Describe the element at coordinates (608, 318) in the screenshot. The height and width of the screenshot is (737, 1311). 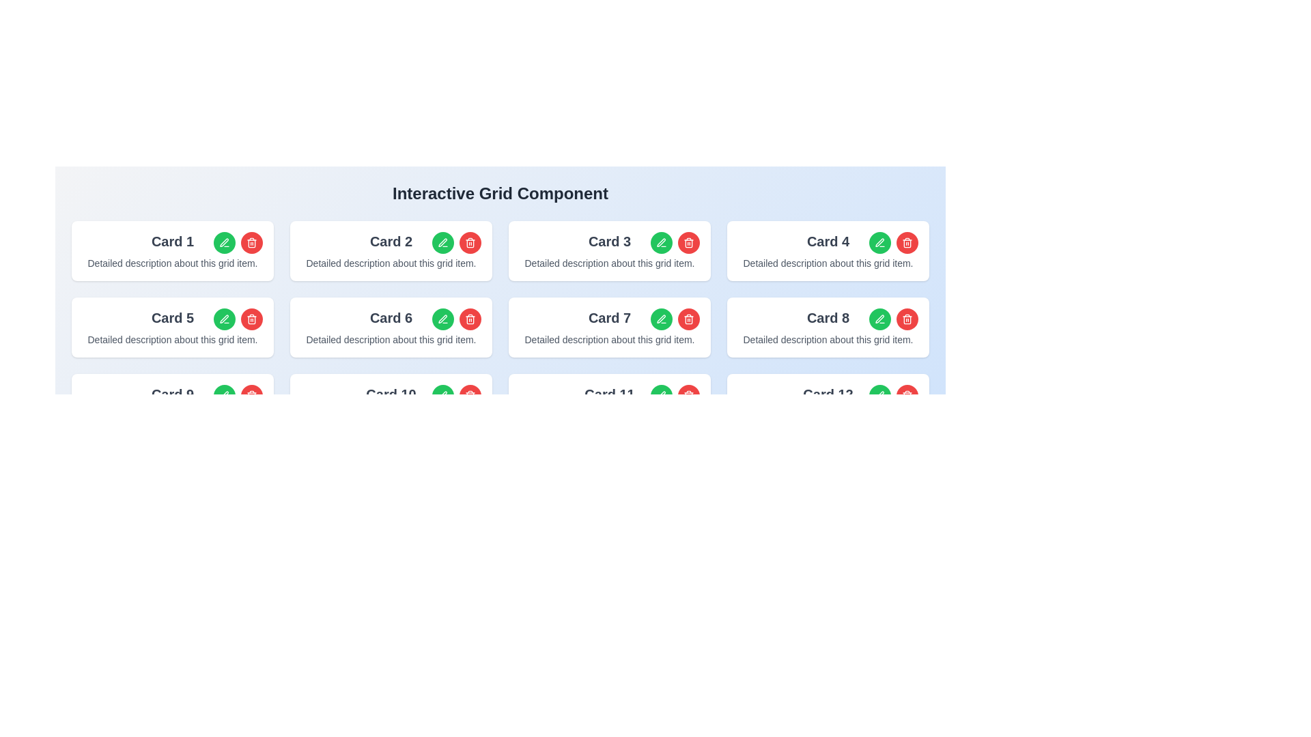
I see `the static text label 'Card 7', which serves as the title for the associated grid card located in the second row, third column of the grid` at that location.